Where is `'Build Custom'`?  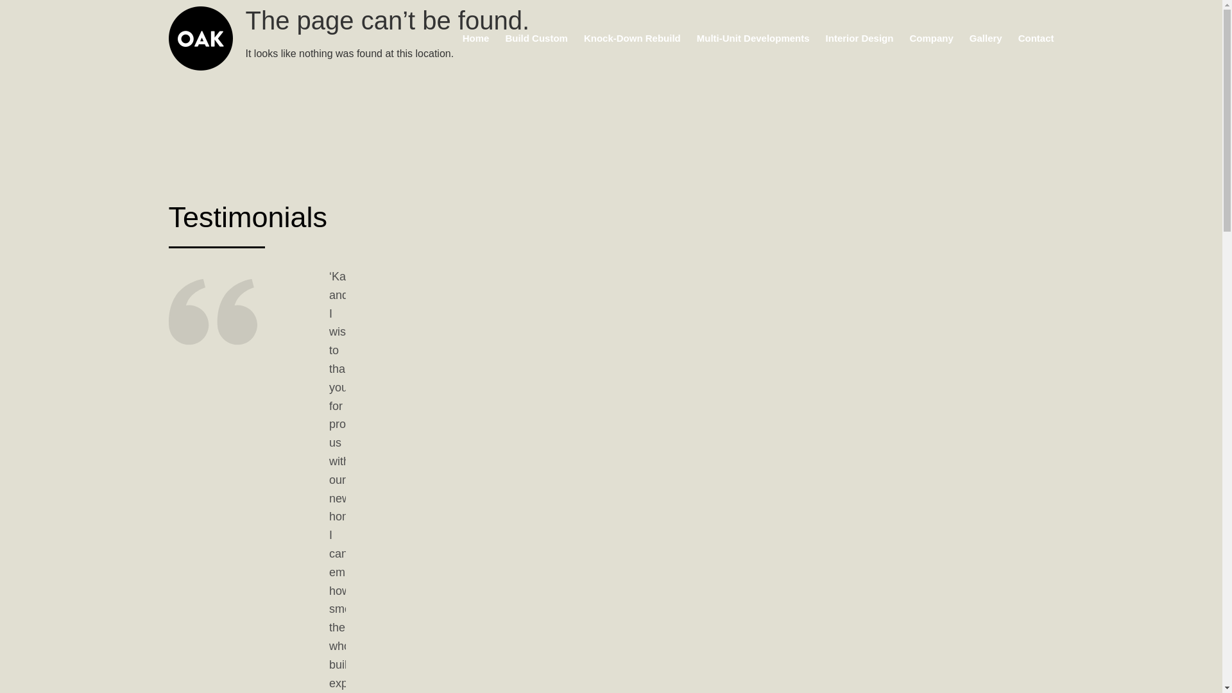
'Build Custom' is located at coordinates (536, 38).